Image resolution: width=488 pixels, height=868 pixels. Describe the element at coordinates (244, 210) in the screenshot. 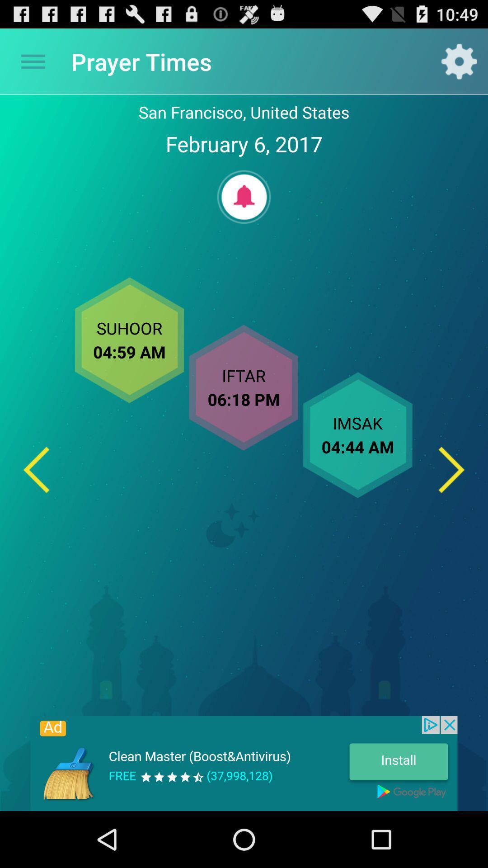

I see `the notifications icon` at that location.